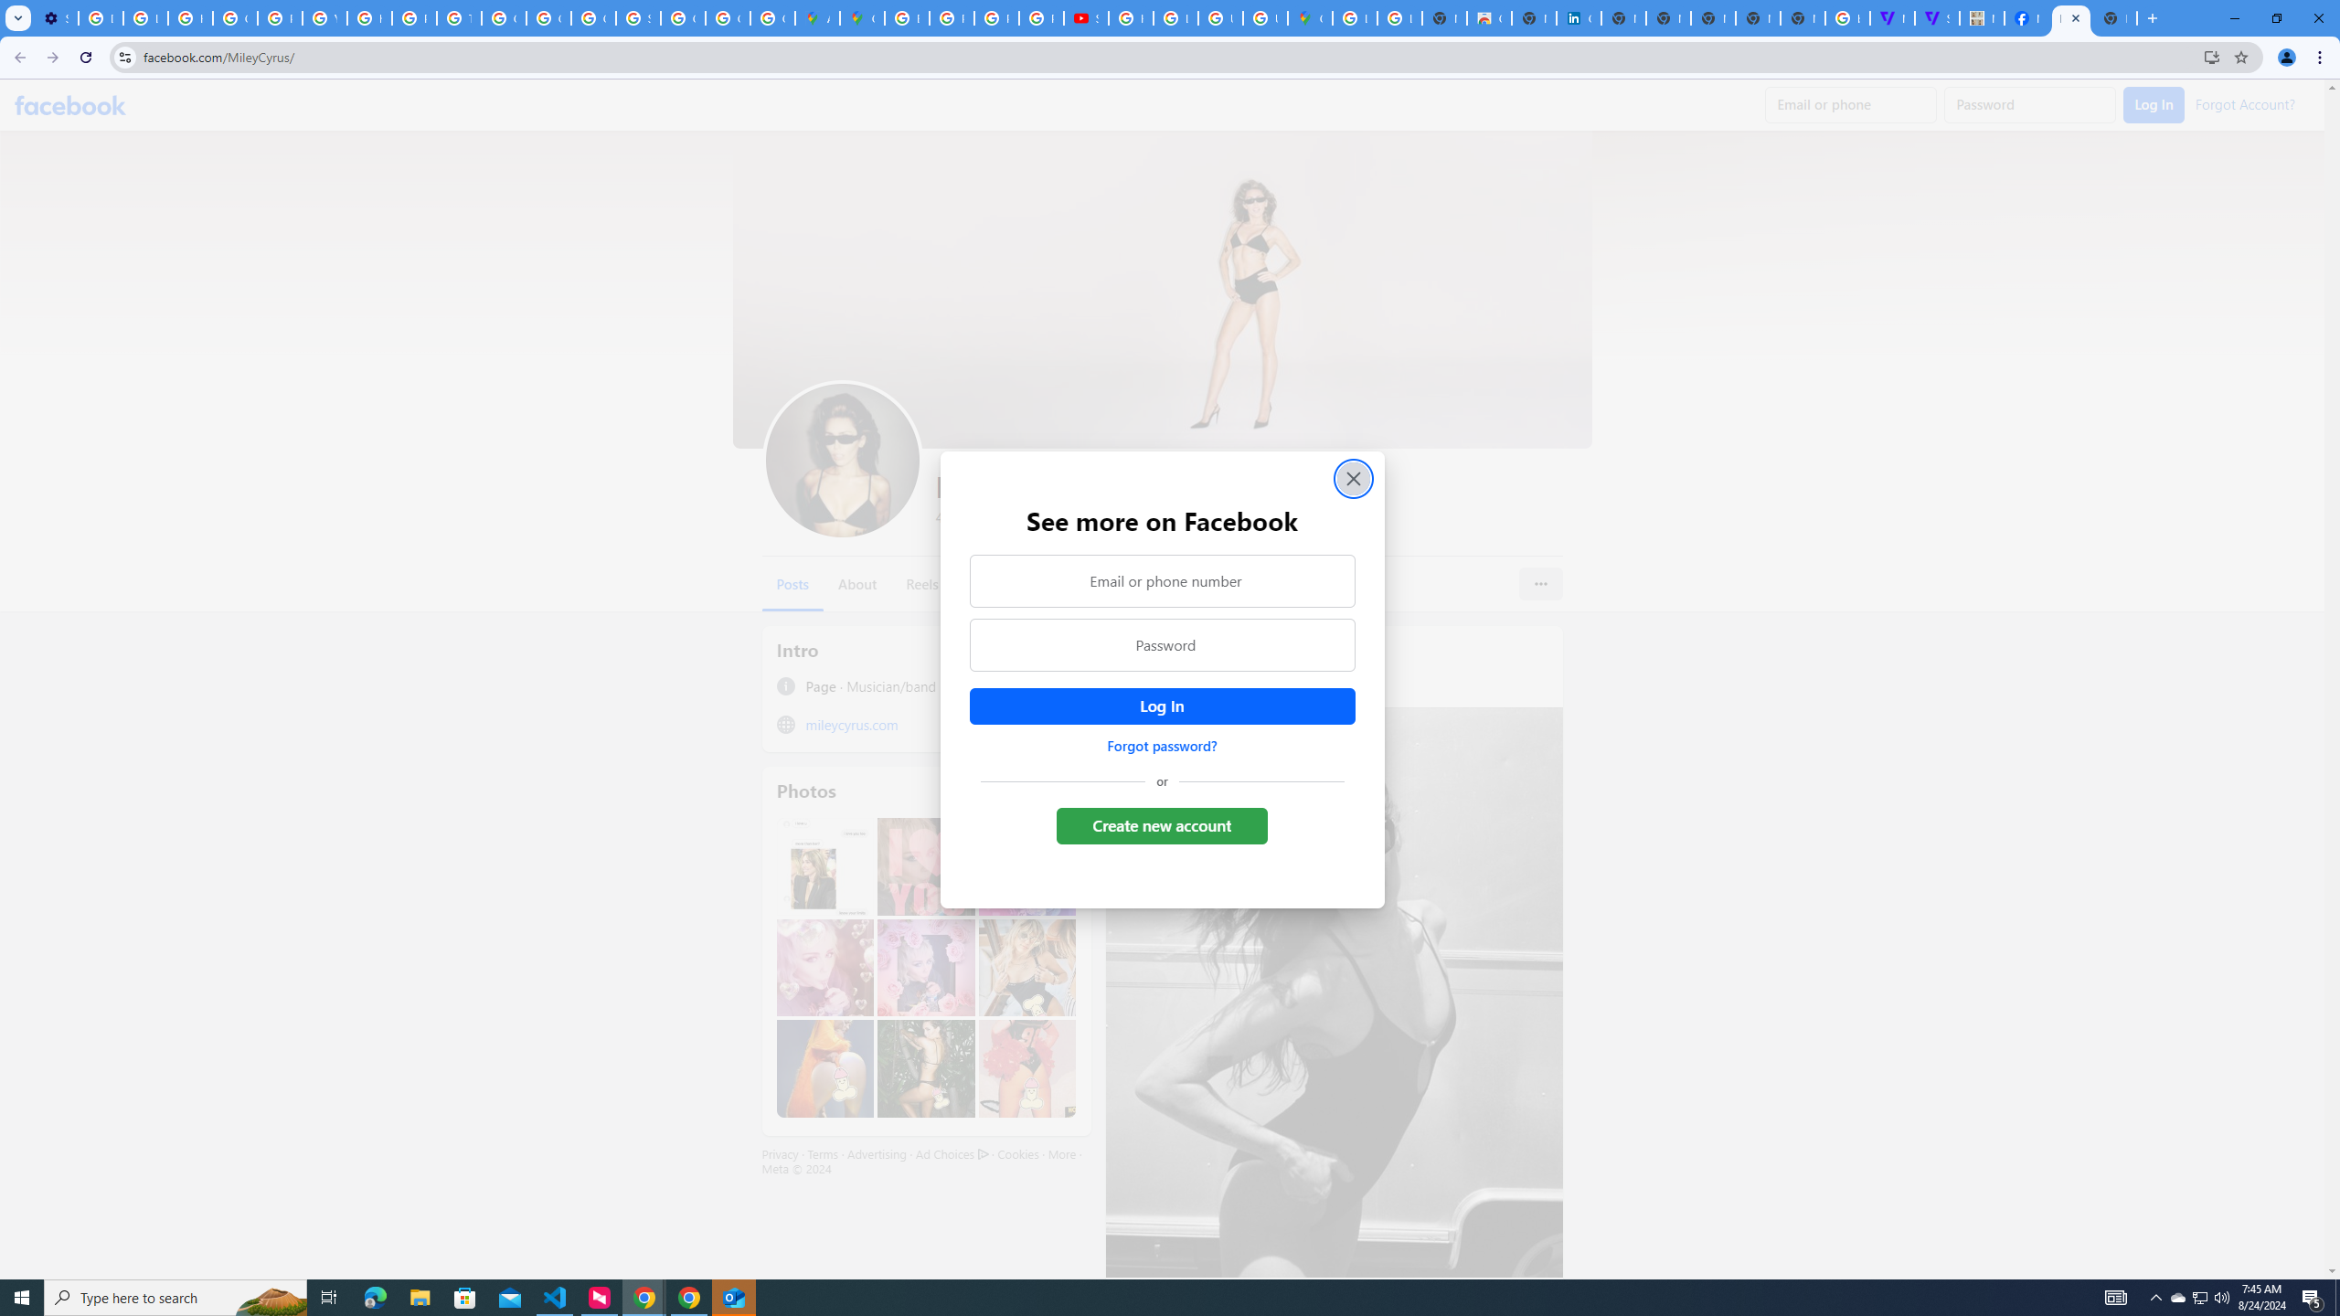 Image resolution: width=2340 pixels, height=1316 pixels. I want to click on 'Learn how to find your photos - Google Photos Help', so click(144, 17).